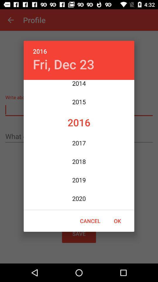  What do you see at coordinates (90, 221) in the screenshot?
I see `icon next to the ok icon` at bounding box center [90, 221].